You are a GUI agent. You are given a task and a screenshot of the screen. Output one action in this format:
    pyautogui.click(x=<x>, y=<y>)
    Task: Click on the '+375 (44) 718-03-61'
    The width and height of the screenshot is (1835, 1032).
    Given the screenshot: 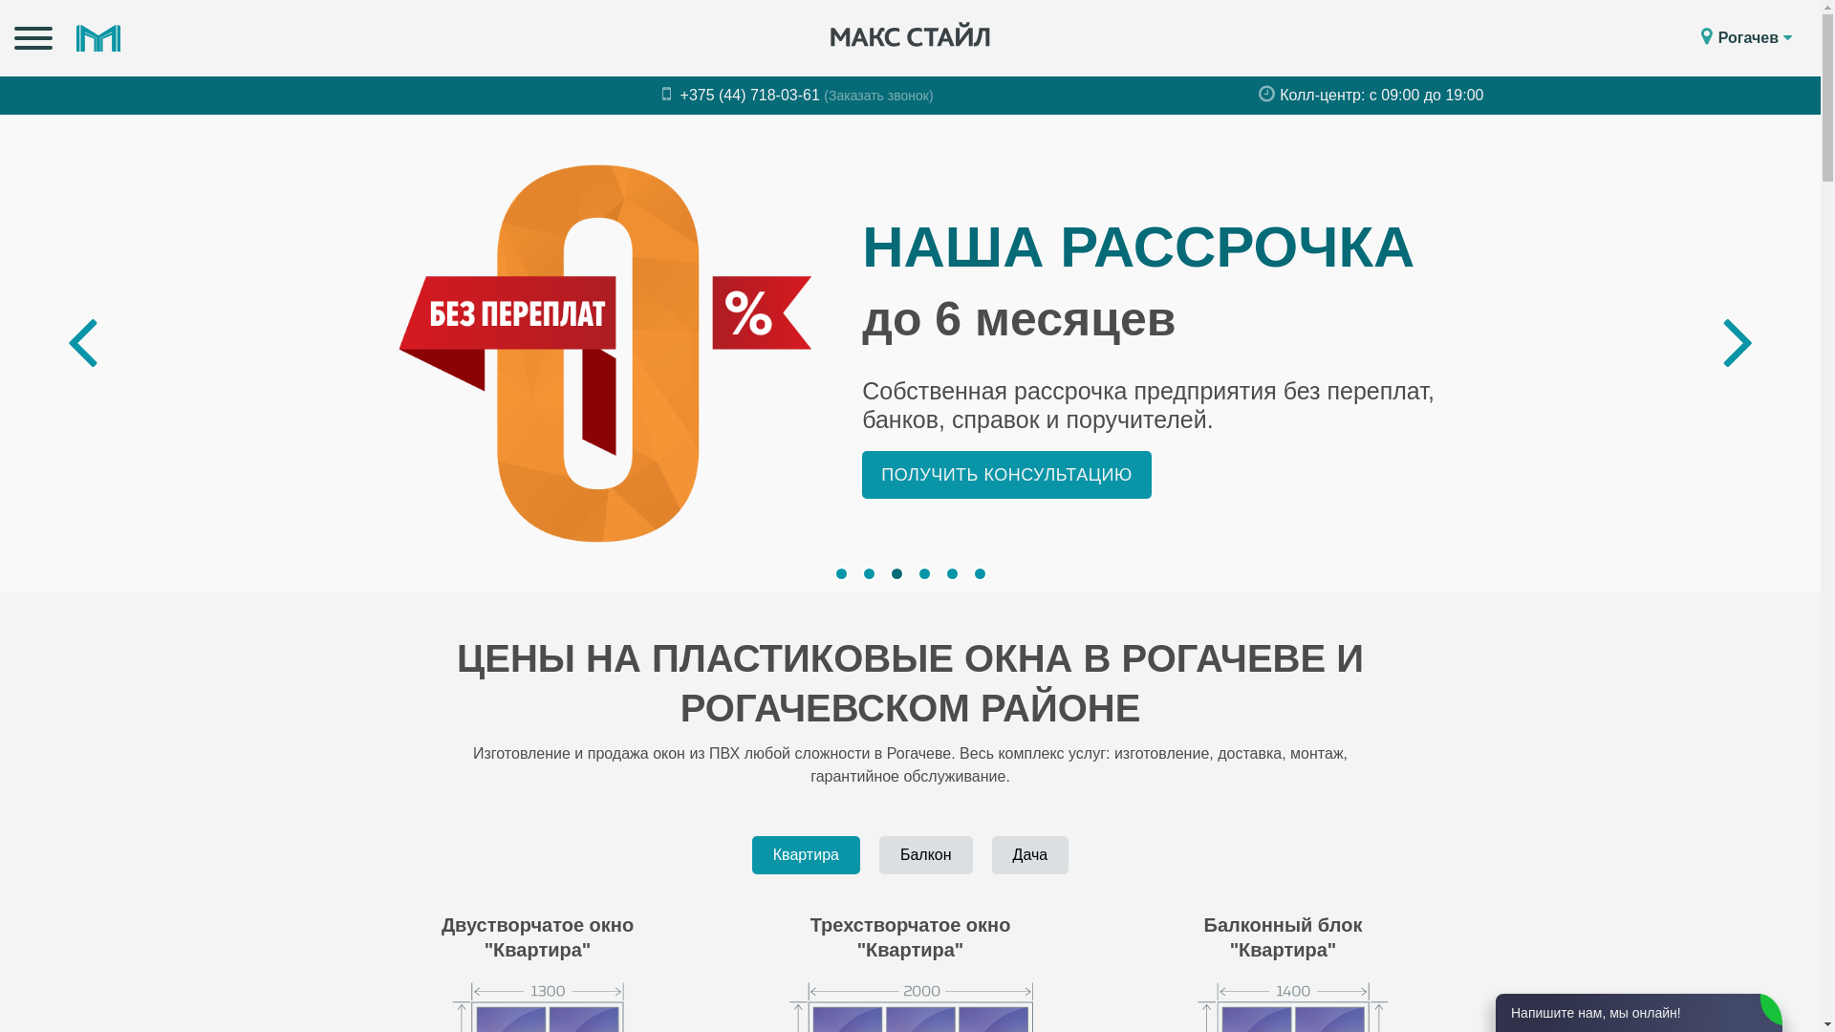 What is the action you would take?
    pyautogui.click(x=742, y=95)
    